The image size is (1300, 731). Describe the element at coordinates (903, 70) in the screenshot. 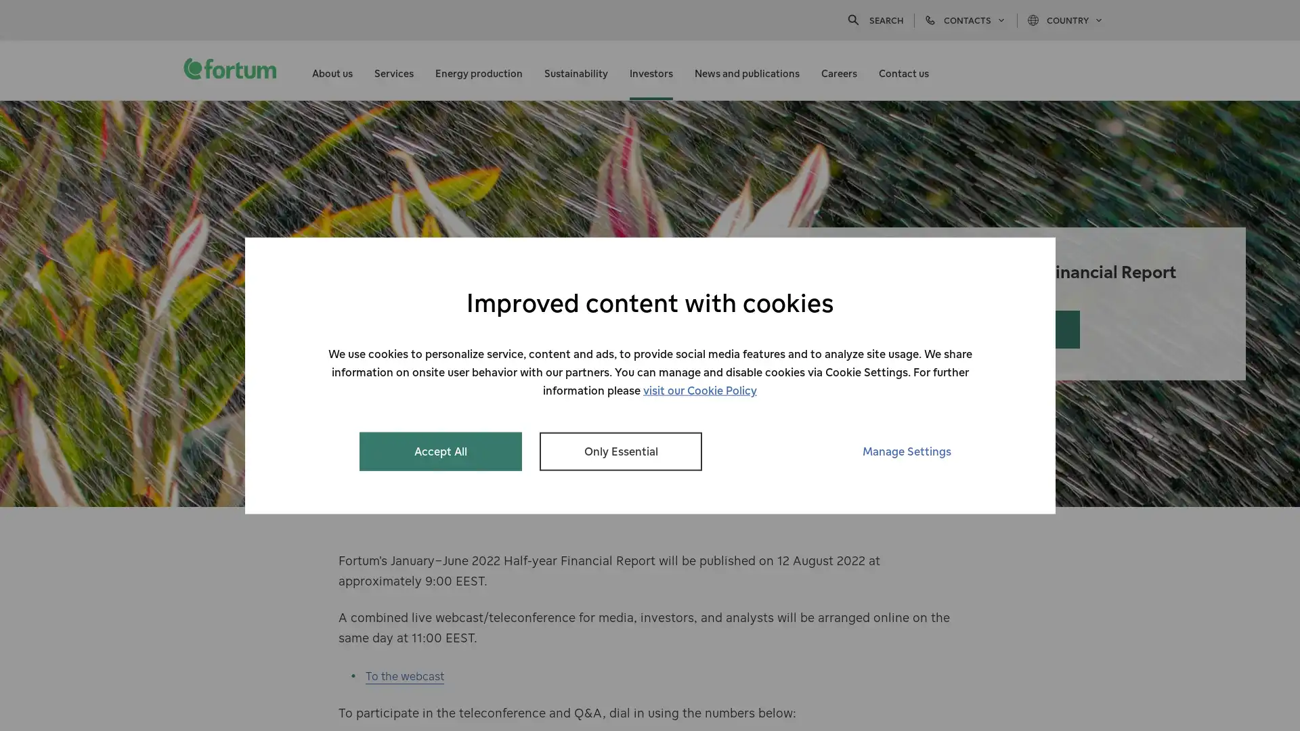

I see `Contact us` at that location.